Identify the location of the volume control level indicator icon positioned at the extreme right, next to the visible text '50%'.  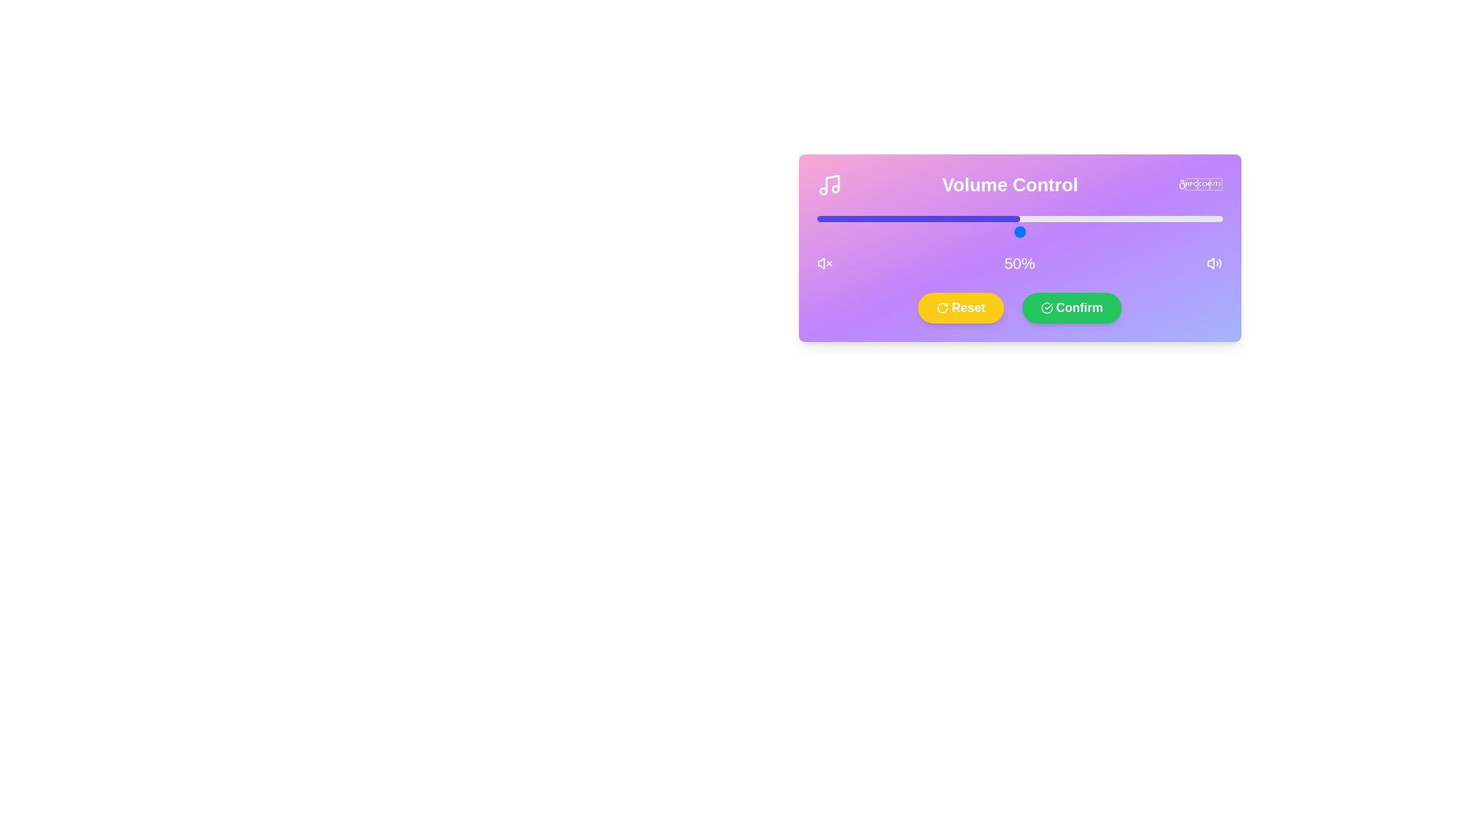
(1214, 263).